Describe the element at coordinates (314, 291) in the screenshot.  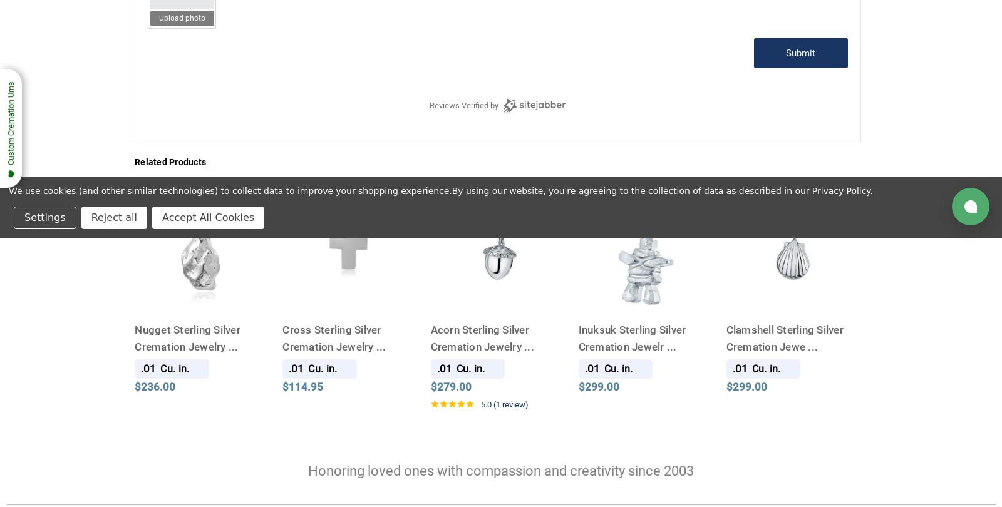
I see `'Choose Options'` at that location.